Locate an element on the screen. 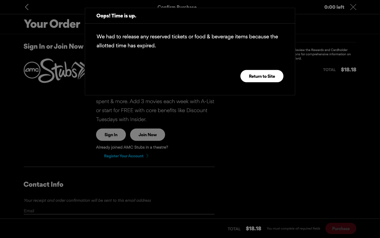 This screenshot has width=380, height=238. Register a new user account is located at coordinates (126, 156).